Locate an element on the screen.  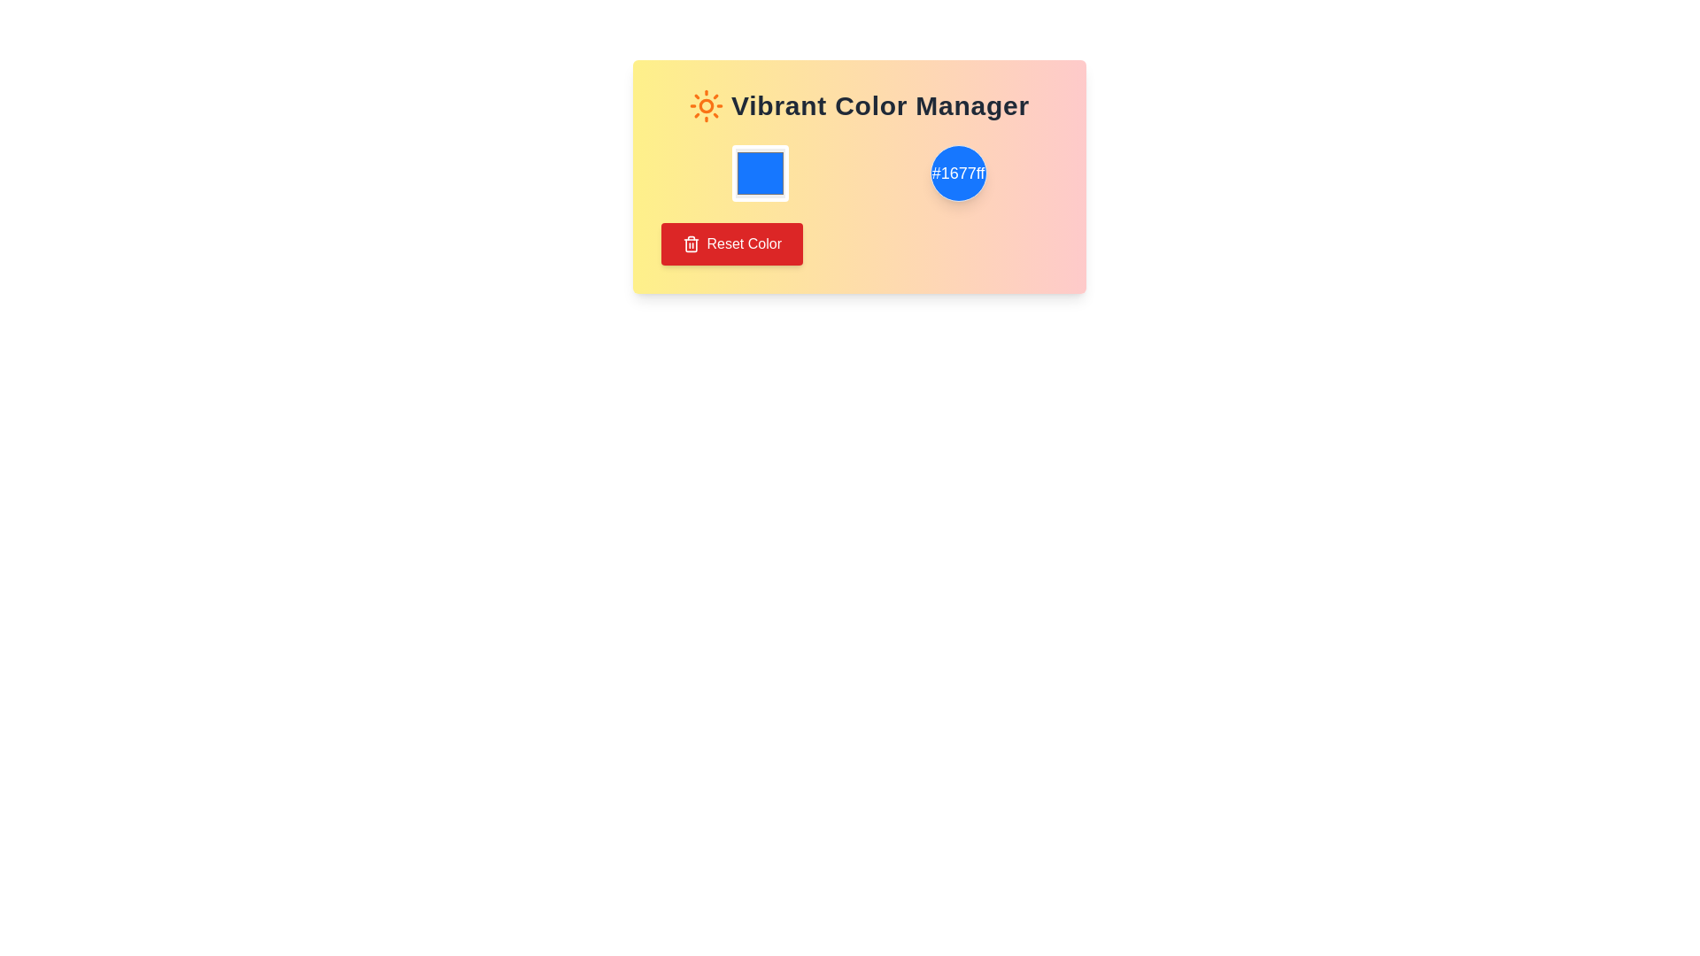
the orange sun icon located at the top-left corner of the 'Vibrant Color Manager' card, positioned to the left of the text 'Vibrant Color Manager' is located at coordinates (705, 105).